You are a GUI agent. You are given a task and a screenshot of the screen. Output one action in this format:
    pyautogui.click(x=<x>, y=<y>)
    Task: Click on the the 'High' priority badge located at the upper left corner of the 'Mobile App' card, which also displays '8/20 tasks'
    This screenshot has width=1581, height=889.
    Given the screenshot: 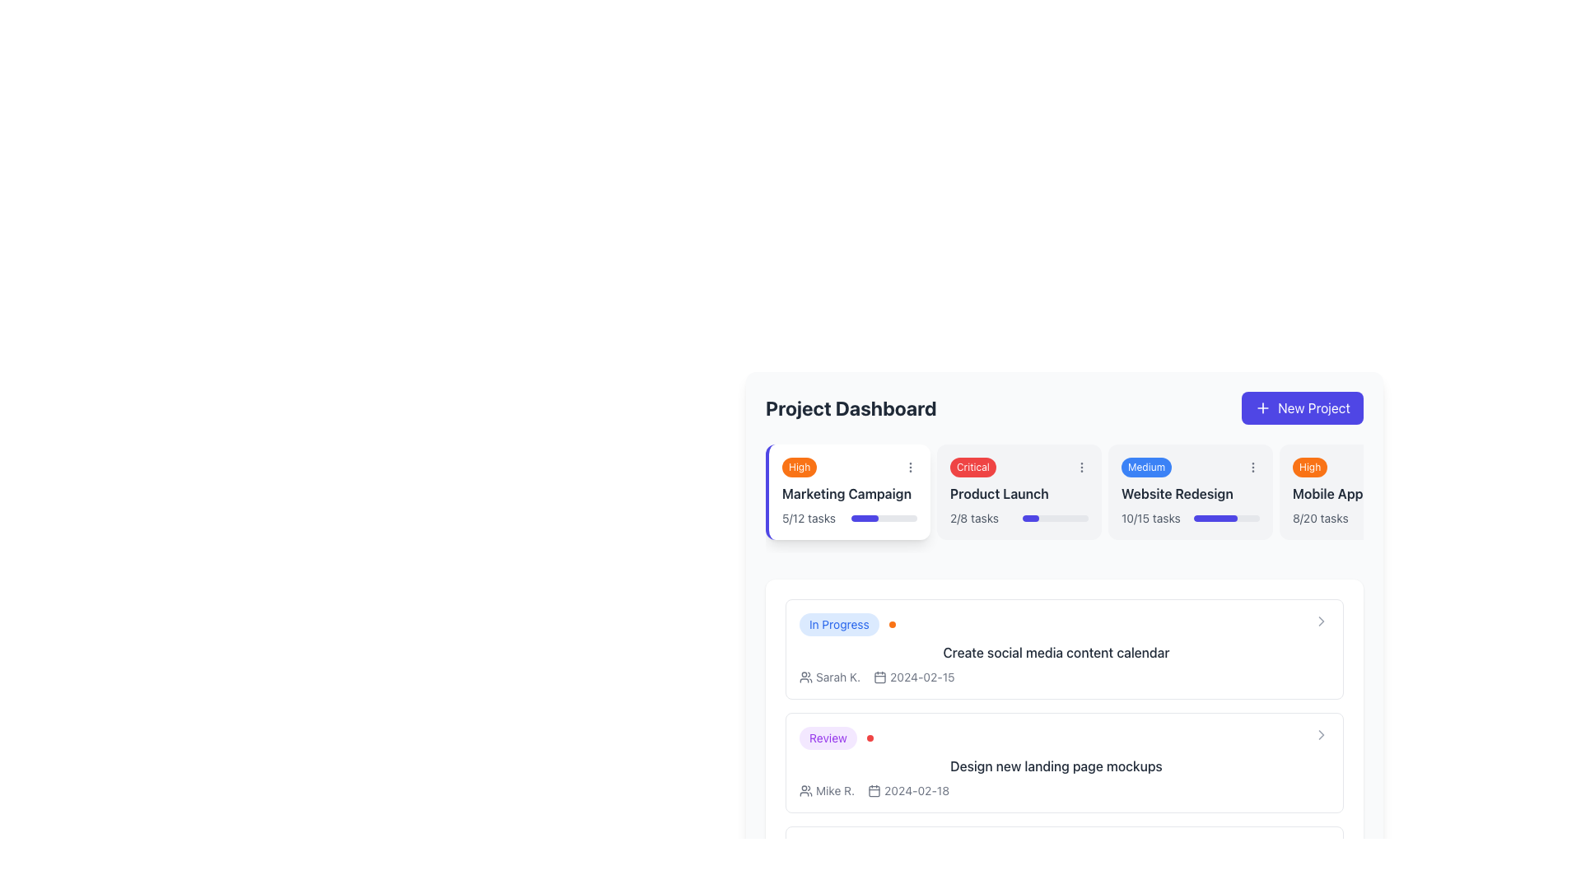 What is the action you would take?
    pyautogui.click(x=1362, y=467)
    